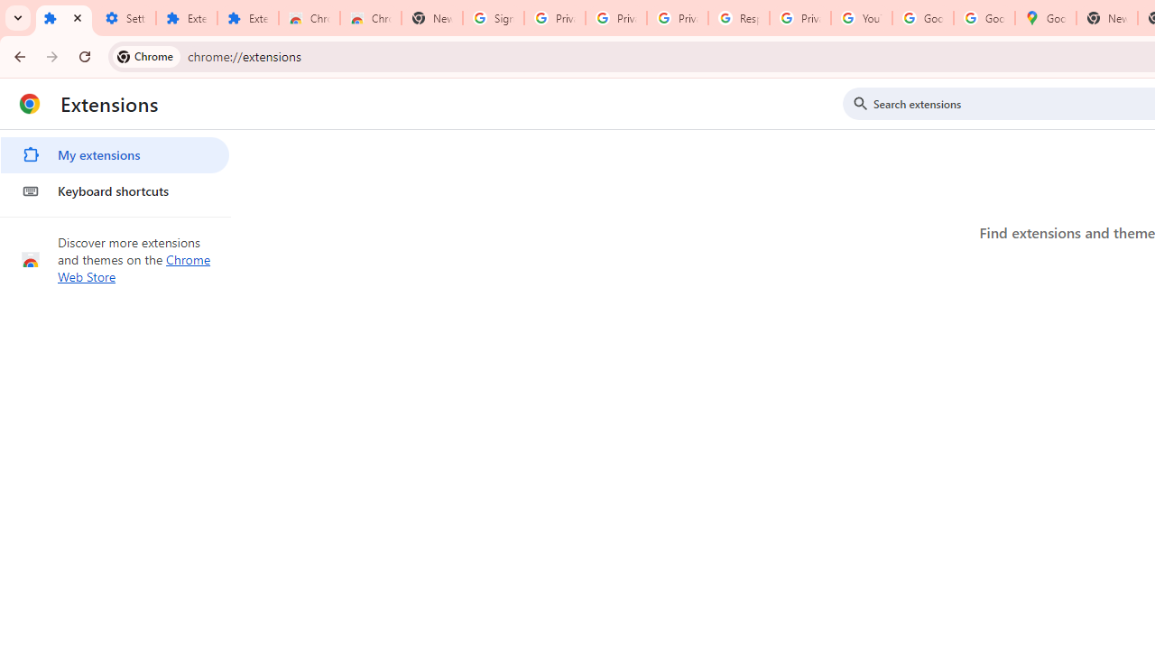  What do you see at coordinates (431, 18) in the screenshot?
I see `'New Tab'` at bounding box center [431, 18].